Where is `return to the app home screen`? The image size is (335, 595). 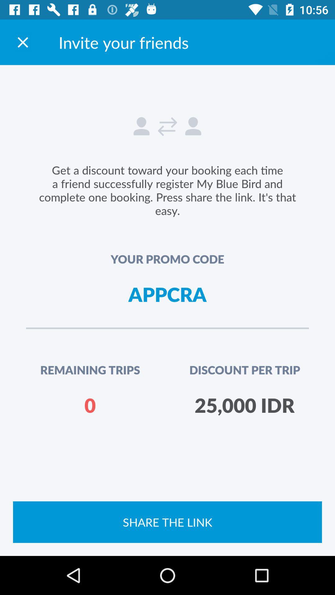
return to the app home screen is located at coordinates (22, 42).